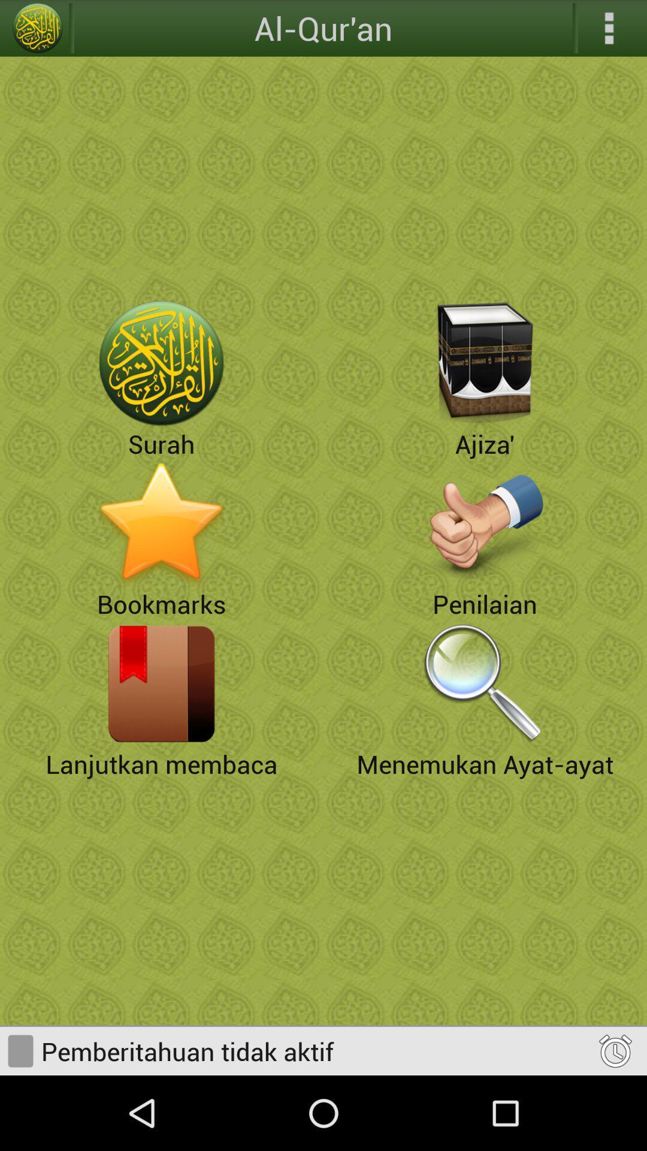 The width and height of the screenshot is (647, 1151). I want to click on surah, so click(162, 363).